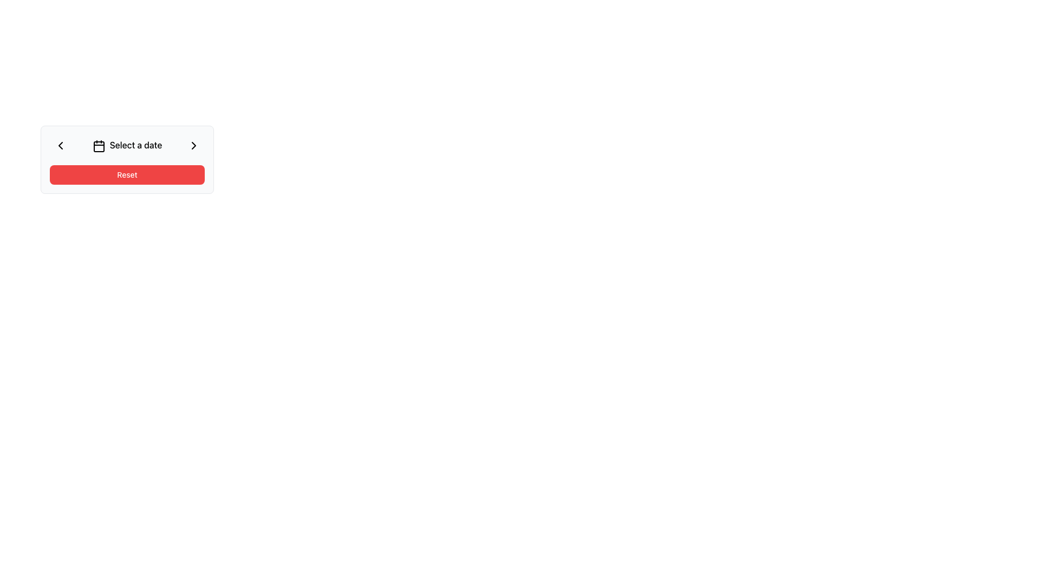 This screenshot has width=1040, height=585. Describe the element at coordinates (193, 145) in the screenshot. I see `the chevron icon located at the top-right corner of the date selection area, which is used for navigation to the next page or step` at that location.